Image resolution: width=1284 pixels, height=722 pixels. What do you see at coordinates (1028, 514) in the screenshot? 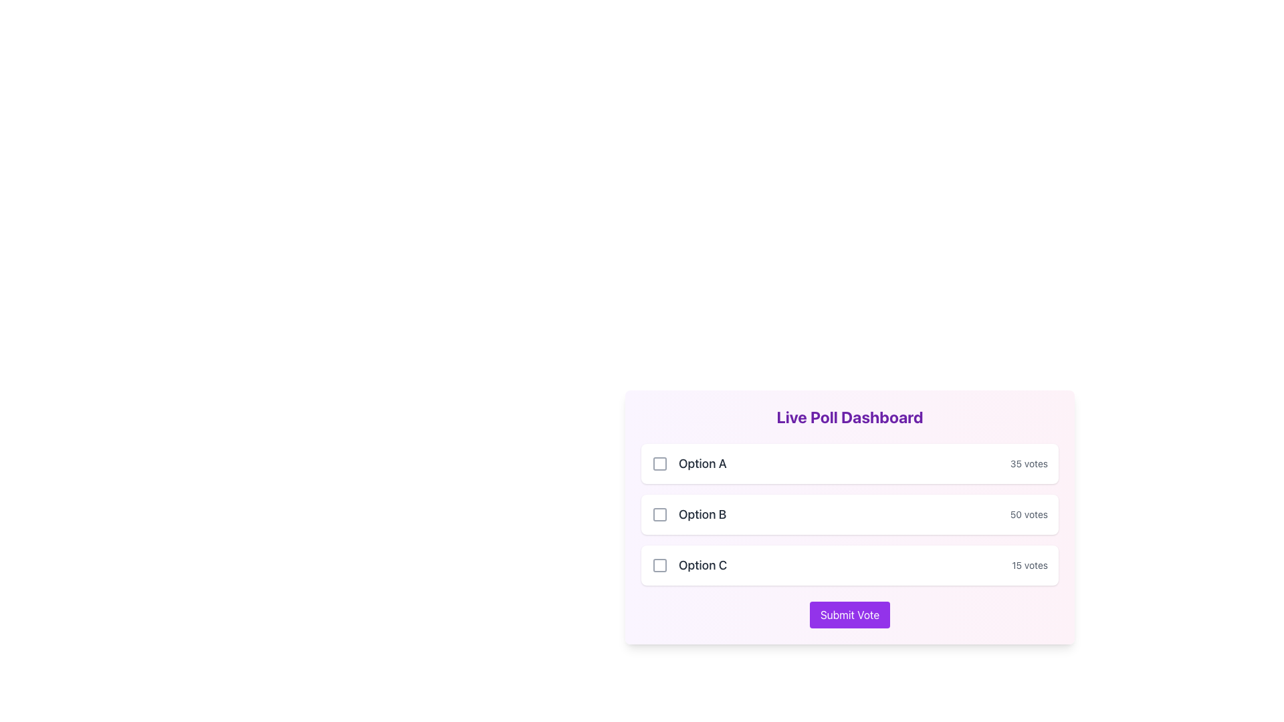
I see `the static text element displaying '50 votes' which is styled in gray and positioned to the right of 'Option B'` at bounding box center [1028, 514].